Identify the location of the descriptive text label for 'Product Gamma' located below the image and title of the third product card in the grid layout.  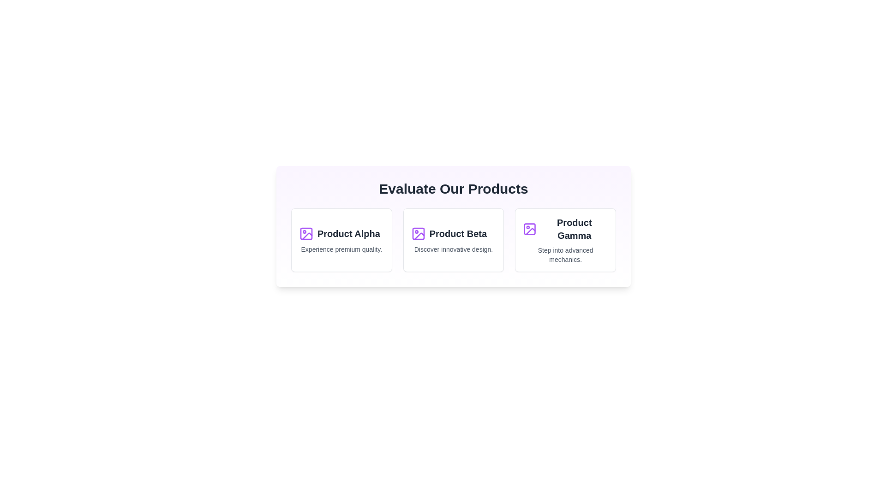
(565, 255).